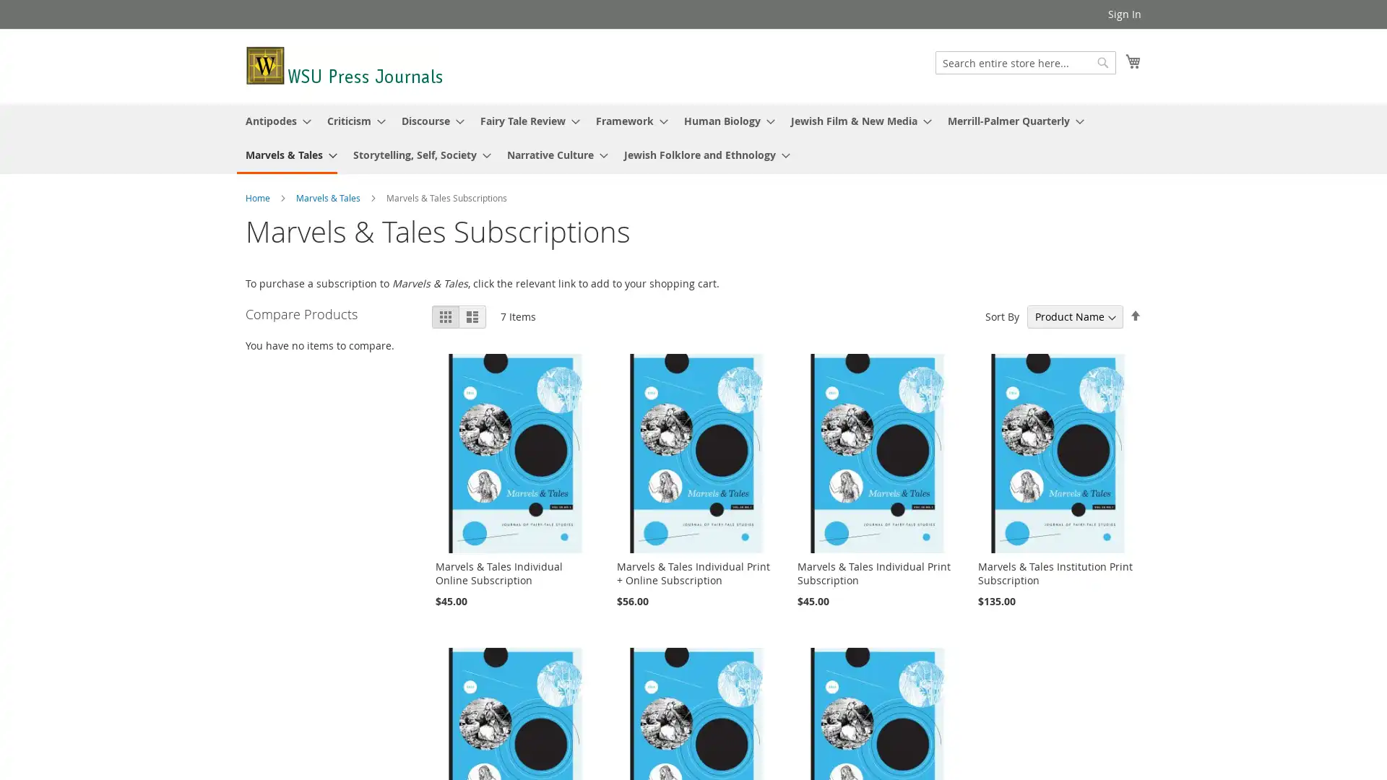 The height and width of the screenshot is (780, 1387). I want to click on Add to Compare, so click(257, 656).